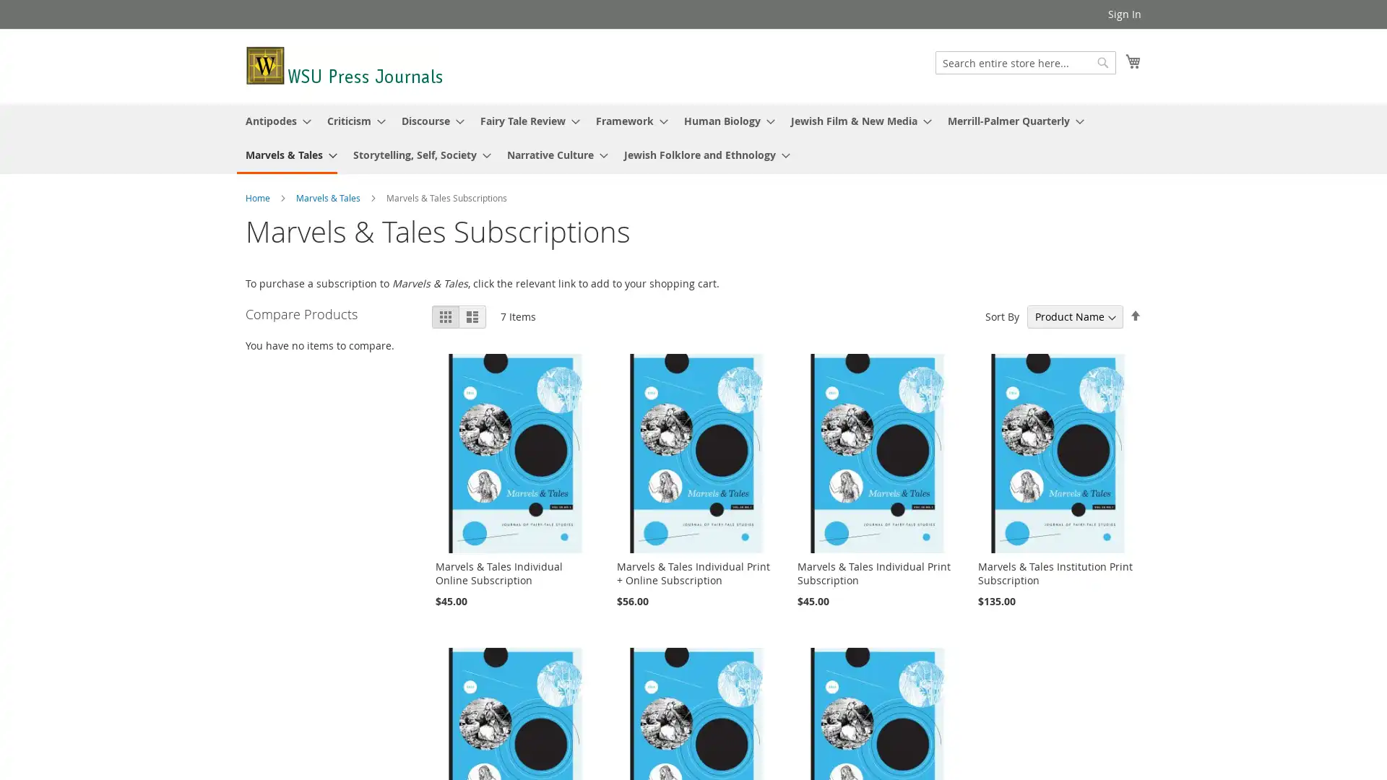 The height and width of the screenshot is (780, 1387). I want to click on Add to Compare, so click(257, 656).